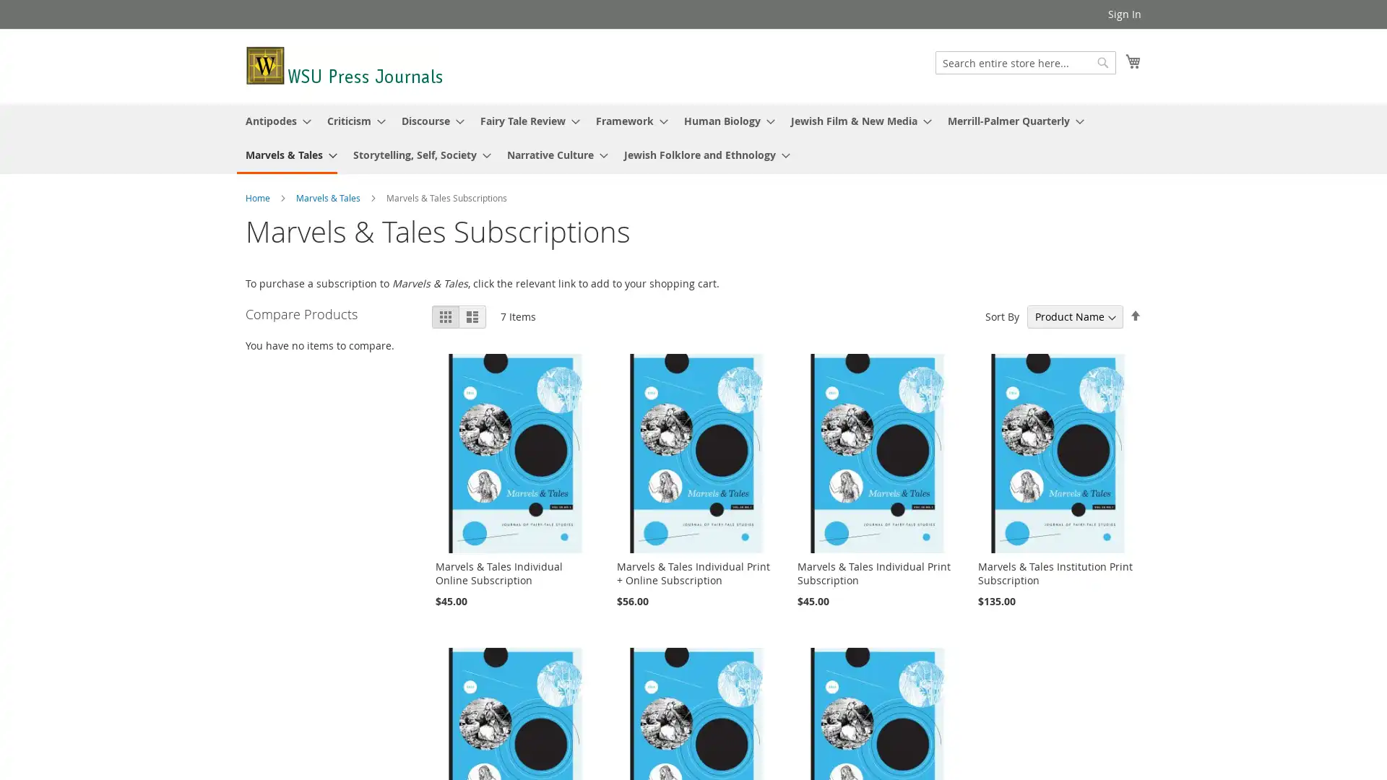 The height and width of the screenshot is (780, 1387). I want to click on Add to Compare, so click(257, 656).